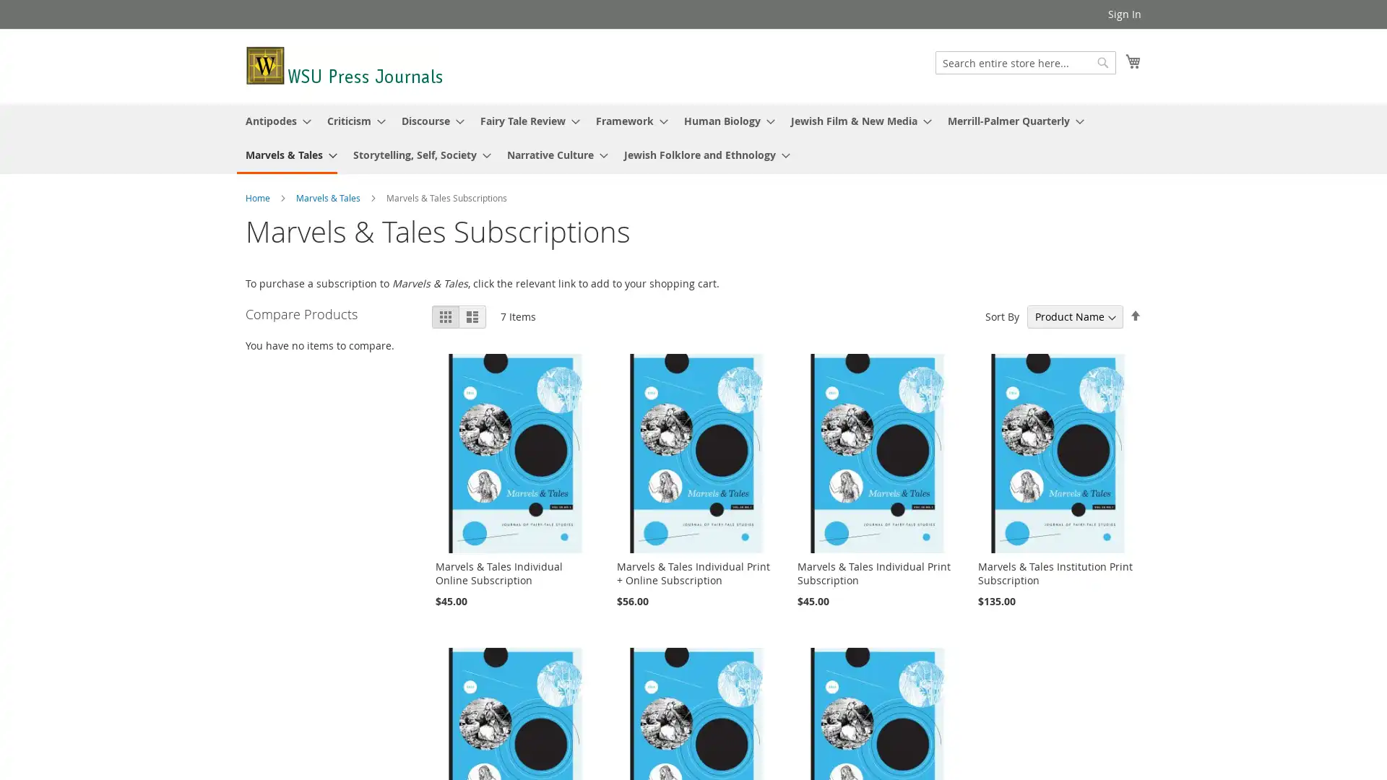 The height and width of the screenshot is (780, 1387). I want to click on Add to Compare, so click(257, 656).